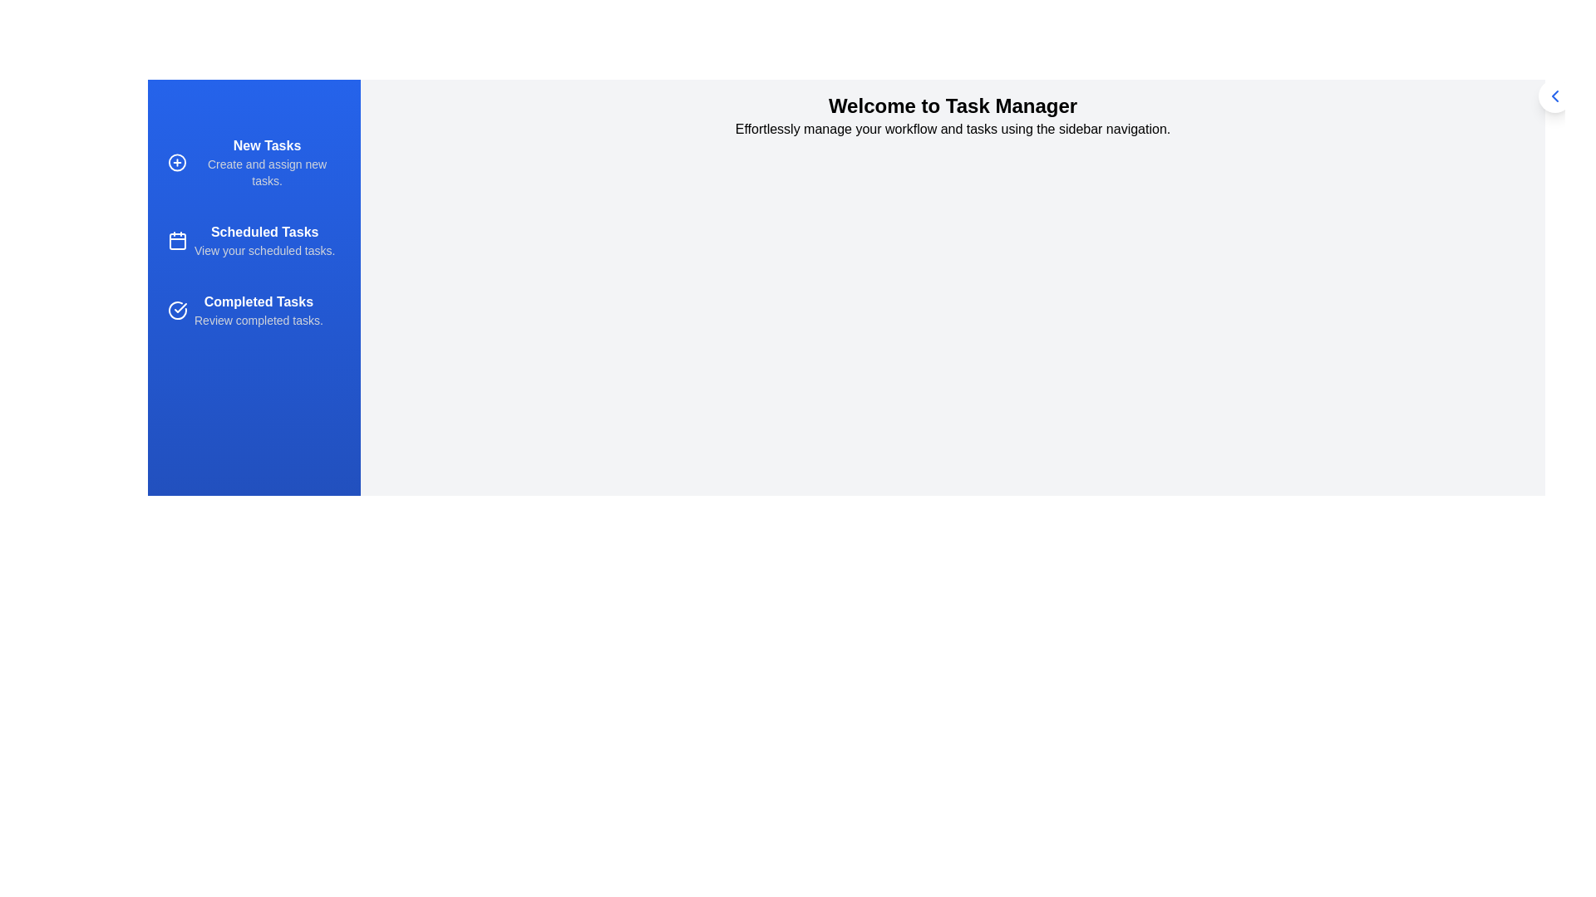 The width and height of the screenshot is (1596, 897). Describe the element at coordinates (254, 163) in the screenshot. I see `the 'New Tasks' menu item in the sidebar to navigate to the 'New Tasks' section` at that location.